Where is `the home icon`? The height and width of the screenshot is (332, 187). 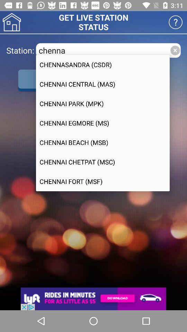 the home icon is located at coordinates (11, 22).